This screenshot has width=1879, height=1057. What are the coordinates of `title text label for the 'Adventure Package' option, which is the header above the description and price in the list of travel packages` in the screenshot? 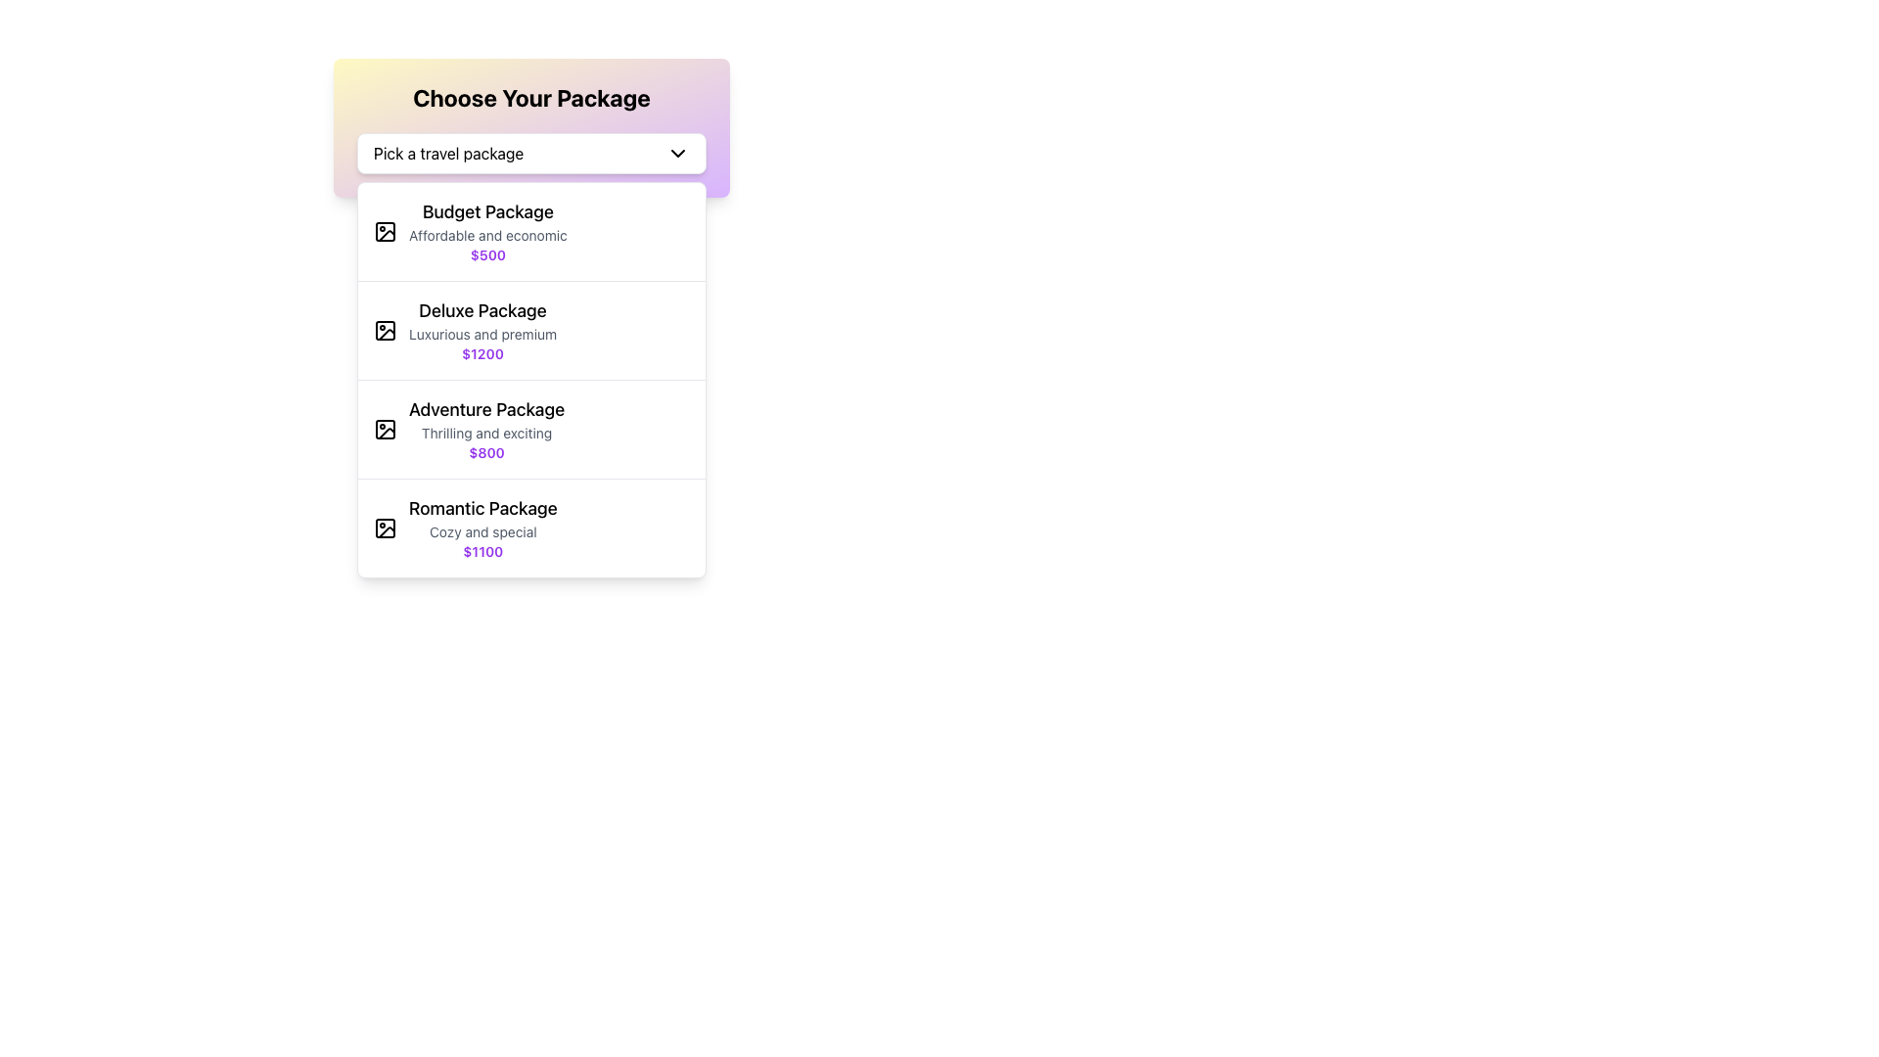 It's located at (486, 409).